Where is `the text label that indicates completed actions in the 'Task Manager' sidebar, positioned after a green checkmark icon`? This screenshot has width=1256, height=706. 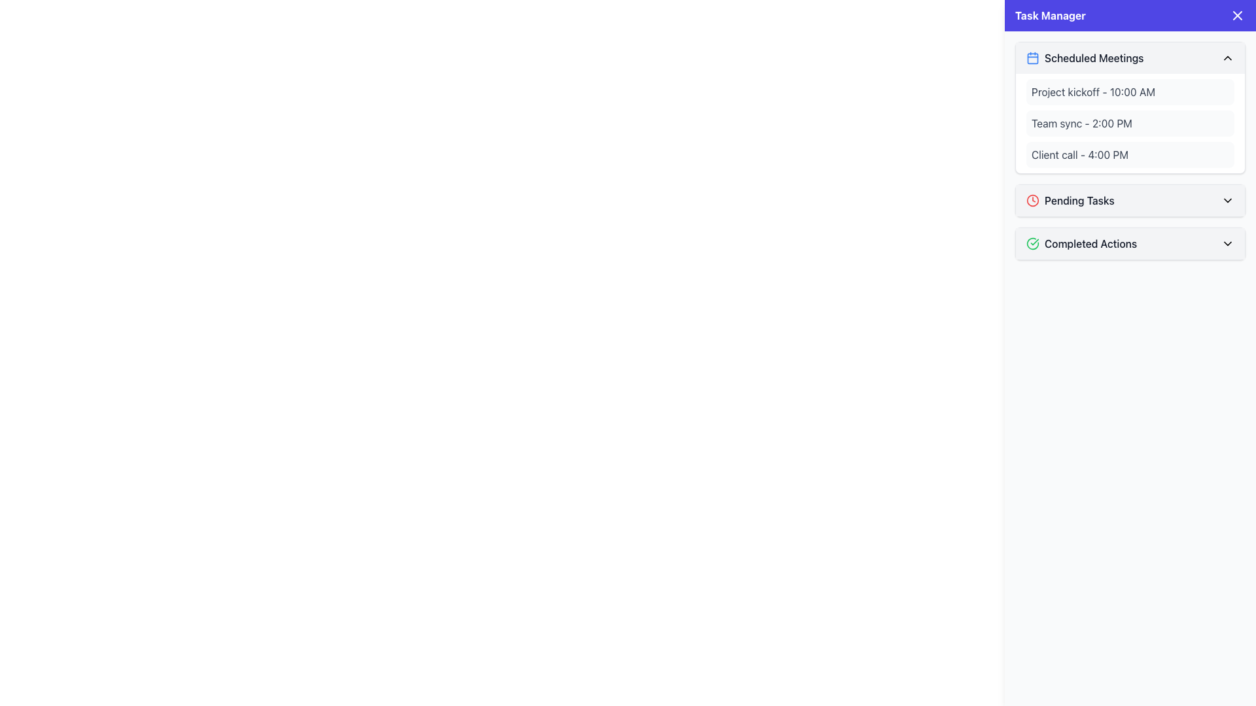 the text label that indicates completed actions in the 'Task Manager' sidebar, positioned after a green checkmark icon is located at coordinates (1090, 244).